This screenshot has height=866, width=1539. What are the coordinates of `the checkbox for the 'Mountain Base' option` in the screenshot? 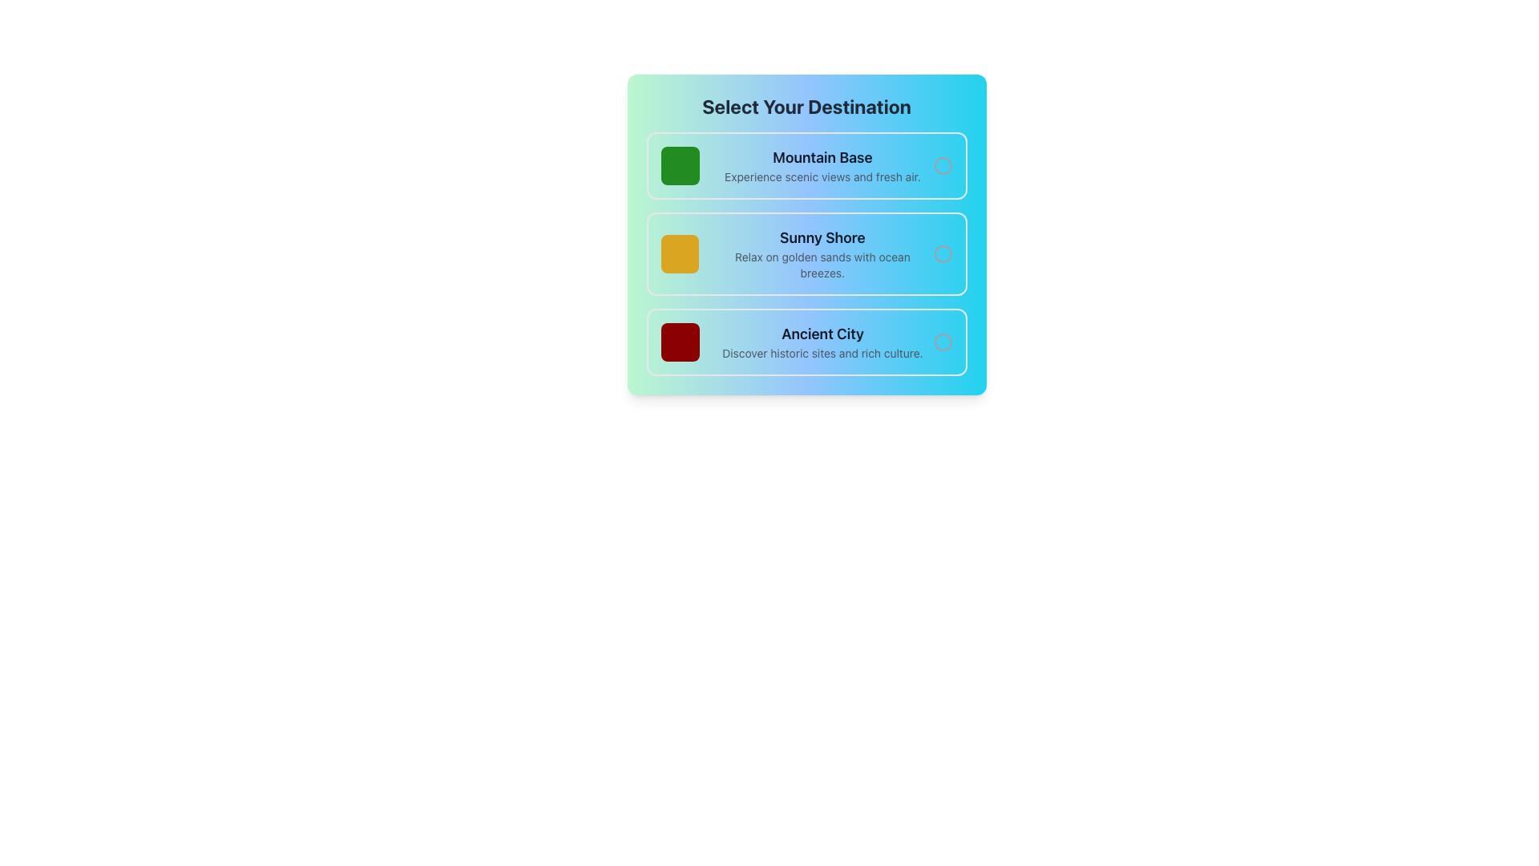 It's located at (943, 166).